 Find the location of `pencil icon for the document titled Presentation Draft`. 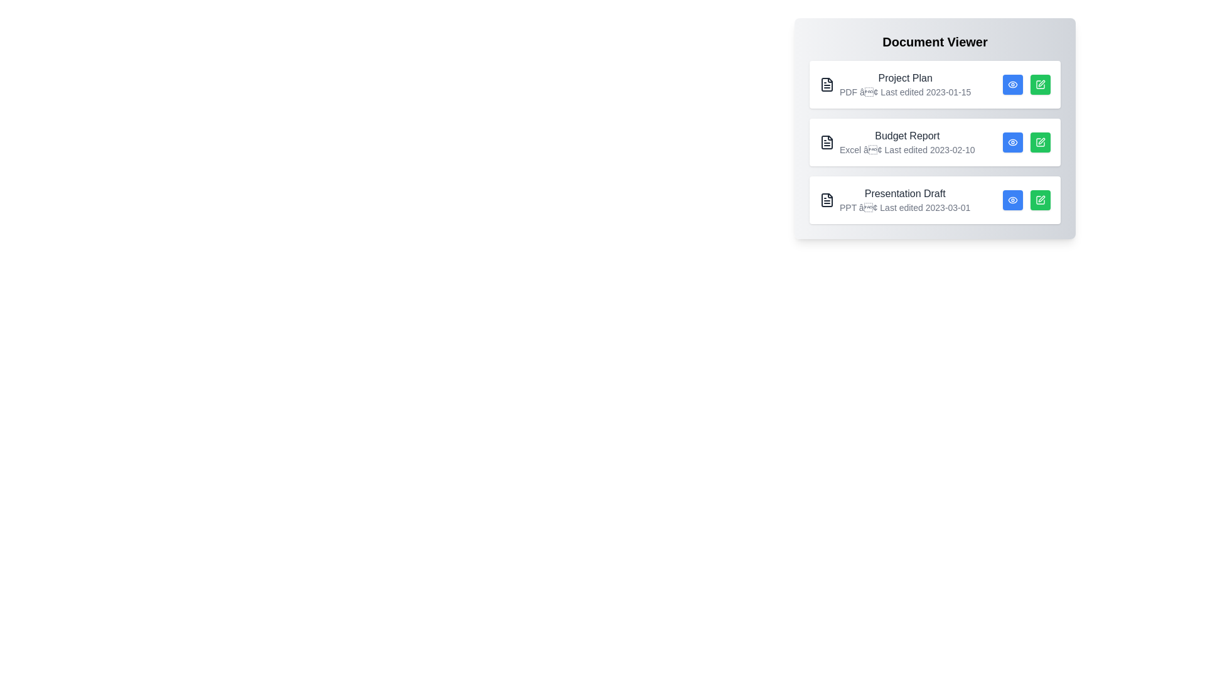

pencil icon for the document titled Presentation Draft is located at coordinates (1040, 200).